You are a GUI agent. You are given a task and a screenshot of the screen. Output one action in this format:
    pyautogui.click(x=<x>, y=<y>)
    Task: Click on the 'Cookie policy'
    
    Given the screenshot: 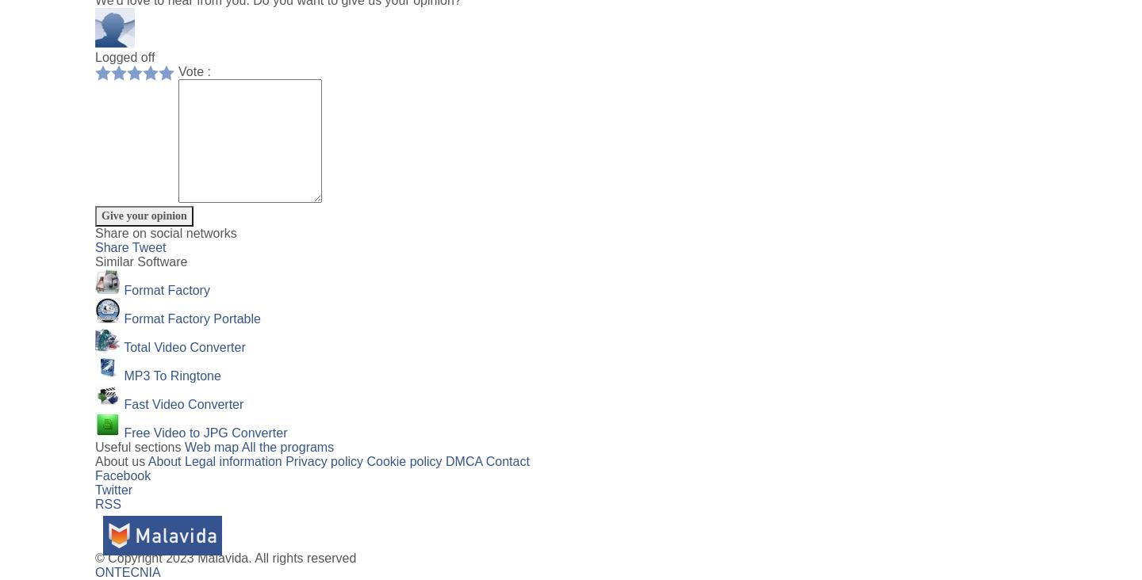 What is the action you would take?
    pyautogui.click(x=366, y=460)
    